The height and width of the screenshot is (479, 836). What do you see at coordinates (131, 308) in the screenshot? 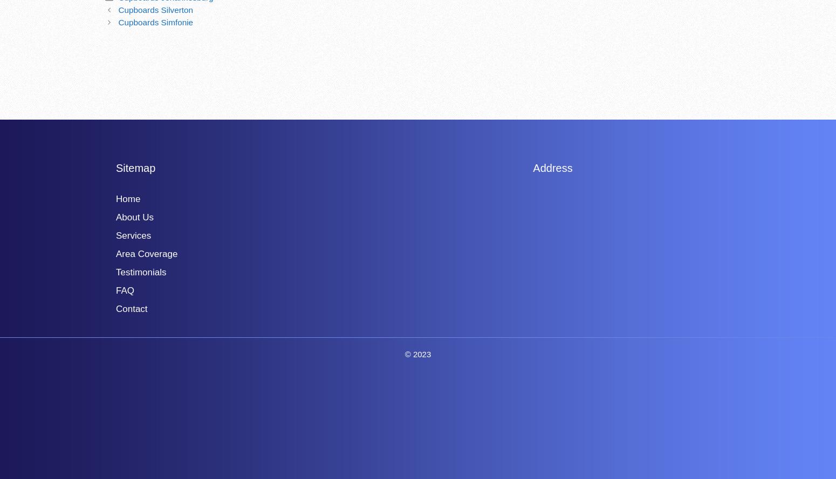
I see `'Contact'` at bounding box center [131, 308].